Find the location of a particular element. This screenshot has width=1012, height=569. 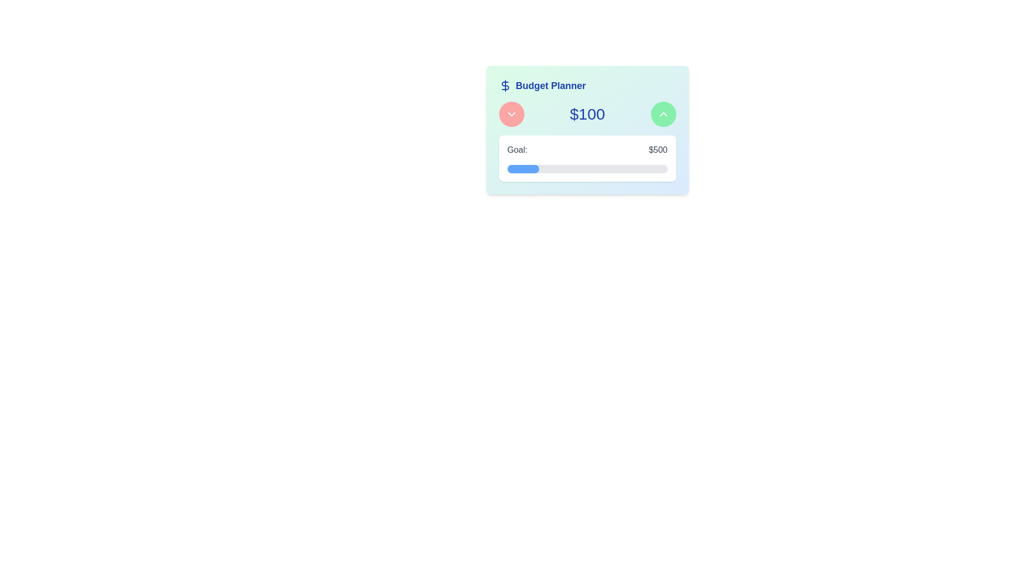

the bold blue text label 'Budget Planner' with the adjacent dollar sign icon is located at coordinates (587, 85).